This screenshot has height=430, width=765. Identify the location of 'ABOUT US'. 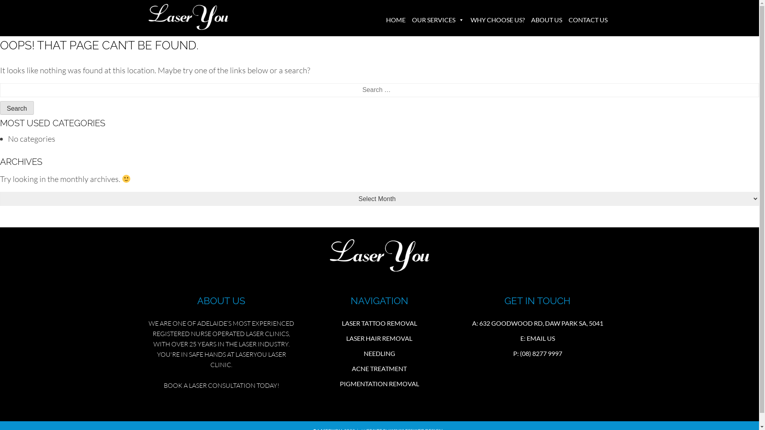
(546, 20).